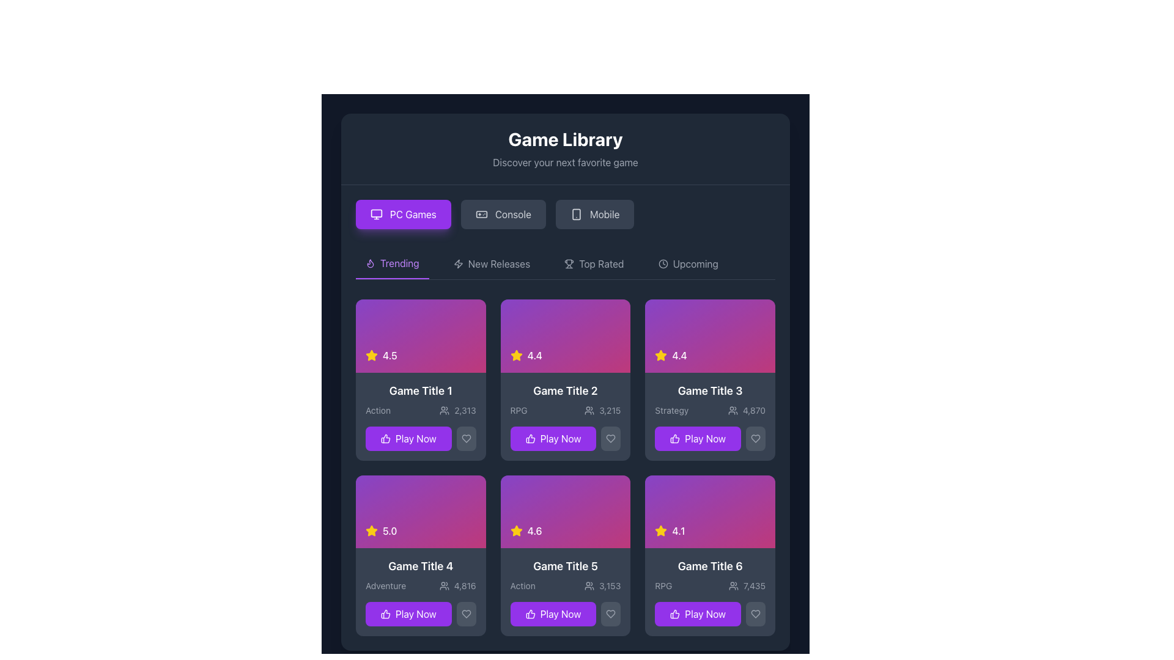 The height and width of the screenshot is (660, 1174). I want to click on the icon adjacent to the 'Play Now' text on the button located at the bottom center of each card in the grid layout to interact with the button, so click(385, 614).